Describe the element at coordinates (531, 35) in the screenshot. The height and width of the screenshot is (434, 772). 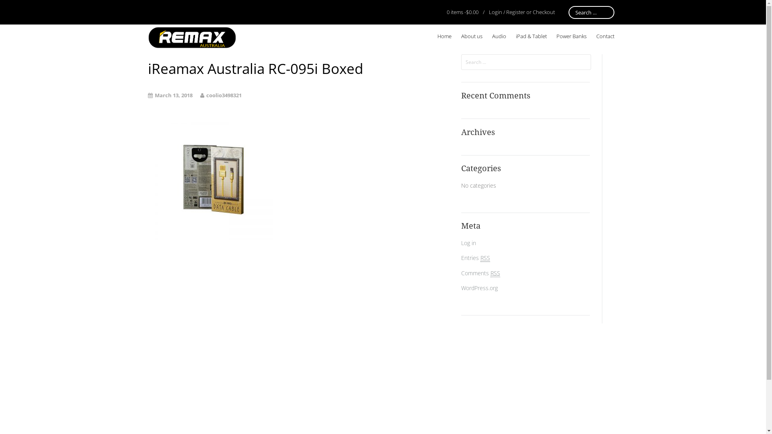
I see `'iPad & Tablet'` at that location.